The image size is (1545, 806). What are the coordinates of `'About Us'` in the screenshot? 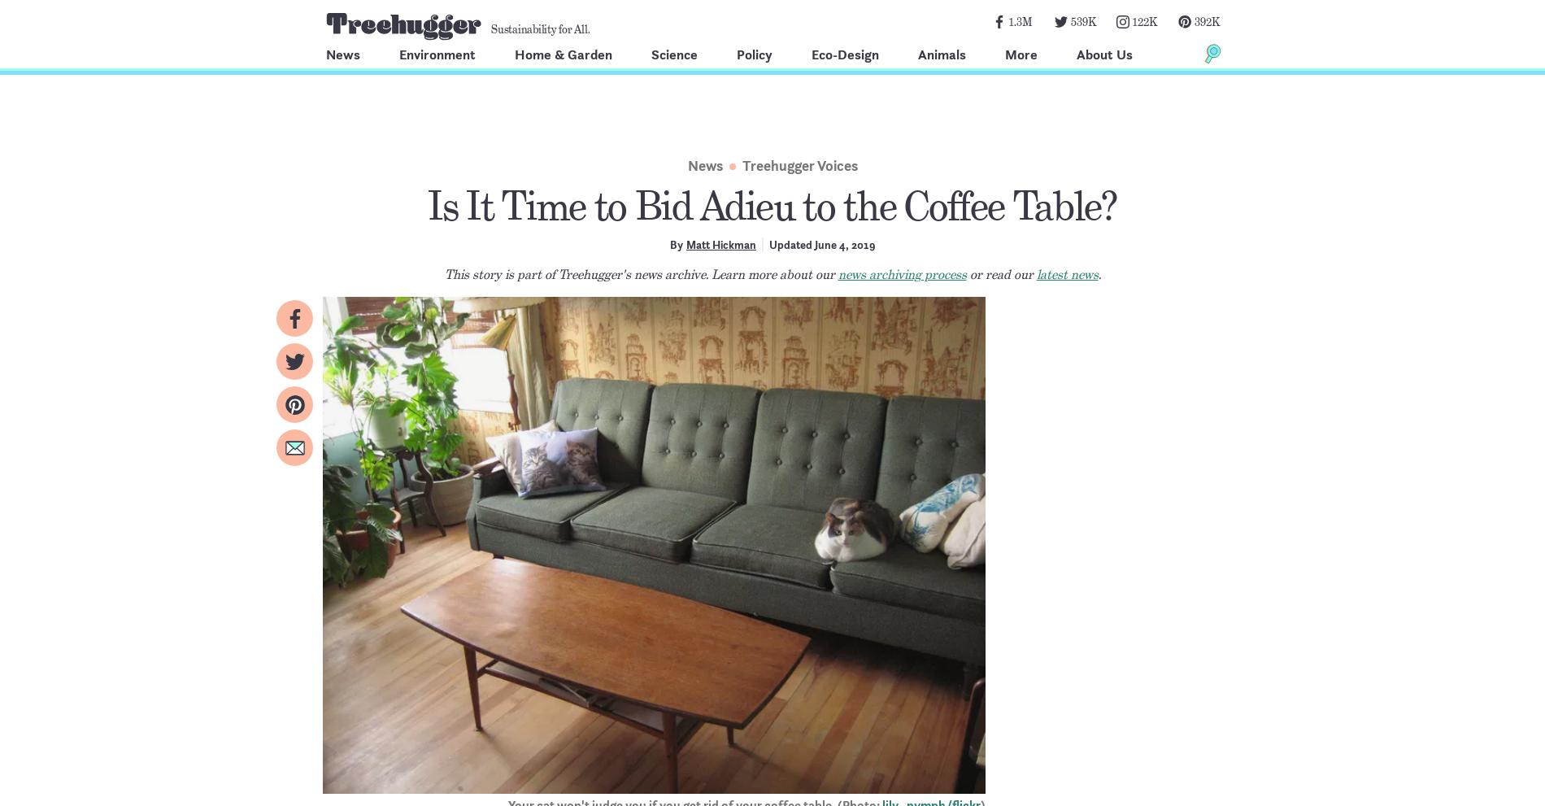 It's located at (1103, 54).